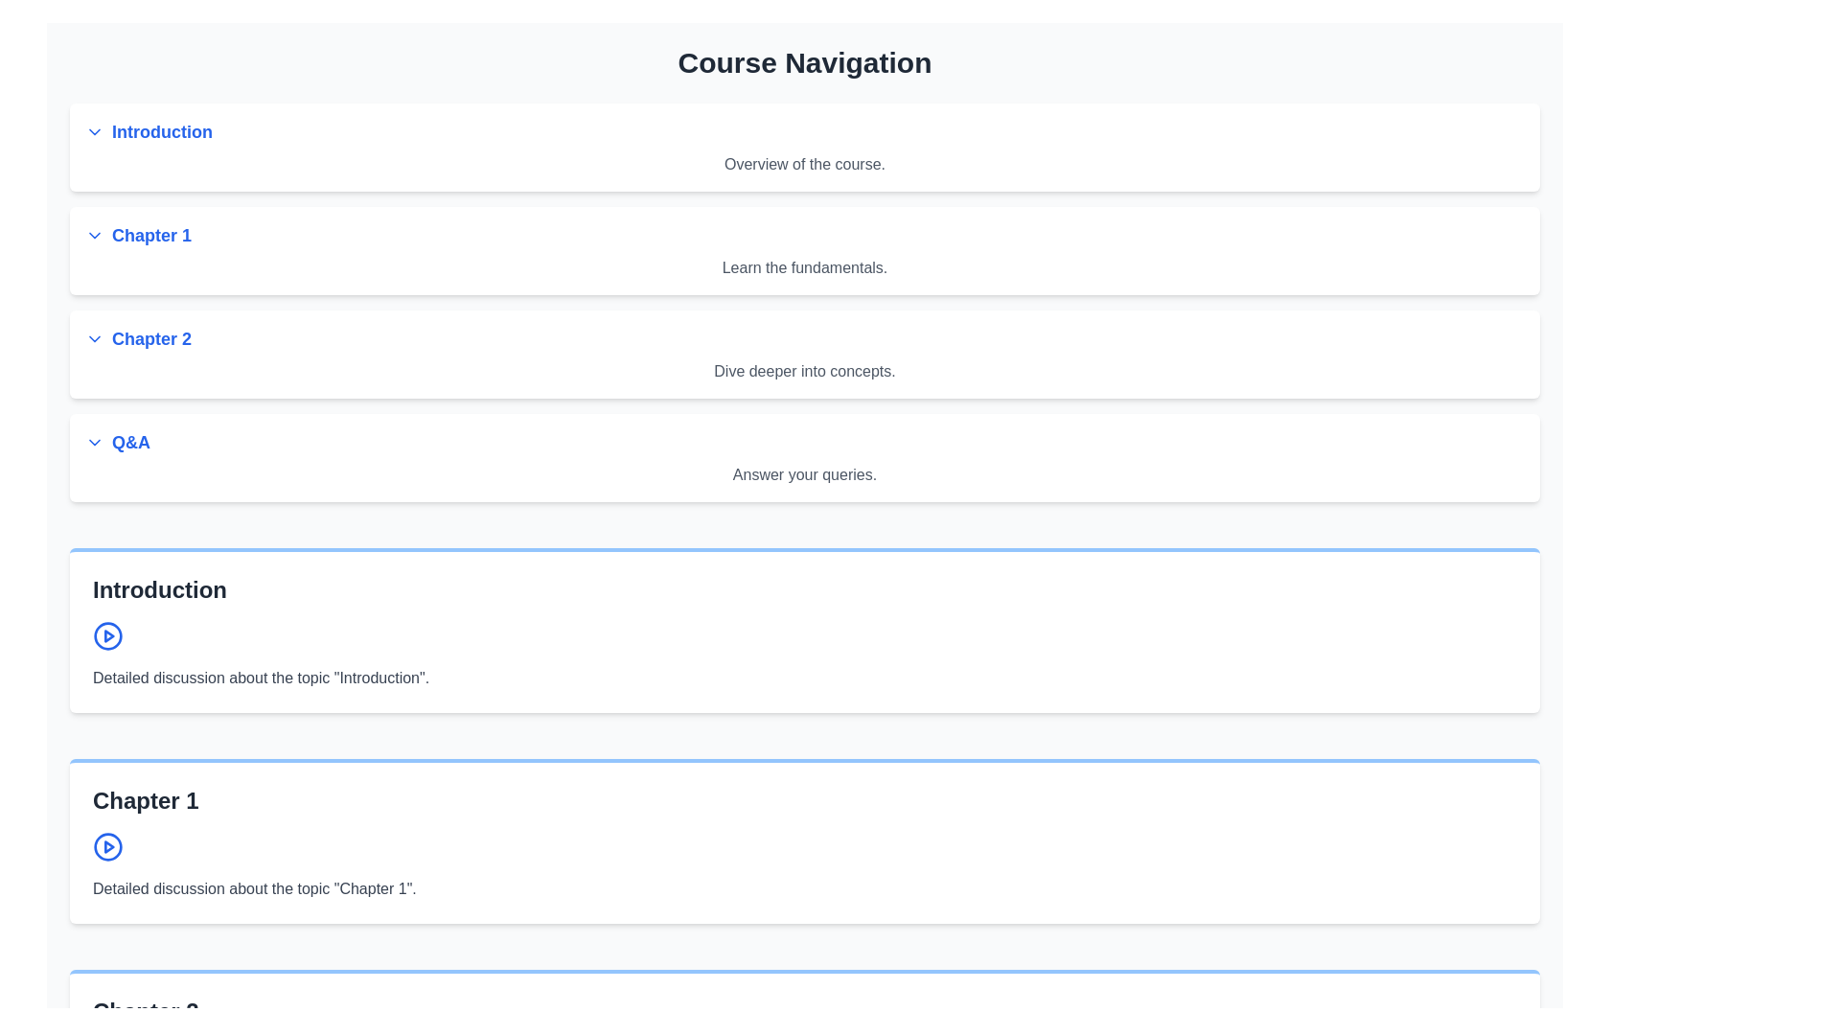 The height and width of the screenshot is (1035, 1840). I want to click on text heading that serves as the title for the 'Chapter 2' section, located at the top of the section above the play button and descriptive text, so click(145, 1011).